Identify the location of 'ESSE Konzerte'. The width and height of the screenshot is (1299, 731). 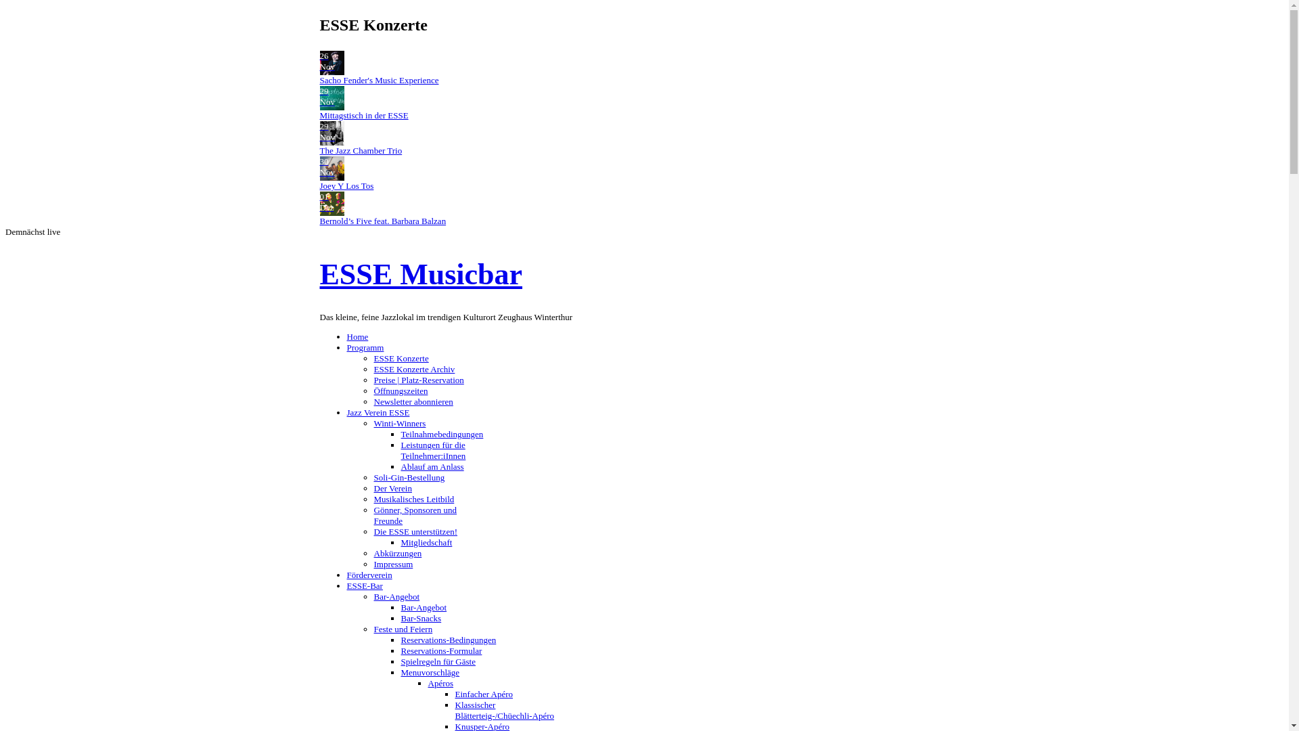
(400, 357).